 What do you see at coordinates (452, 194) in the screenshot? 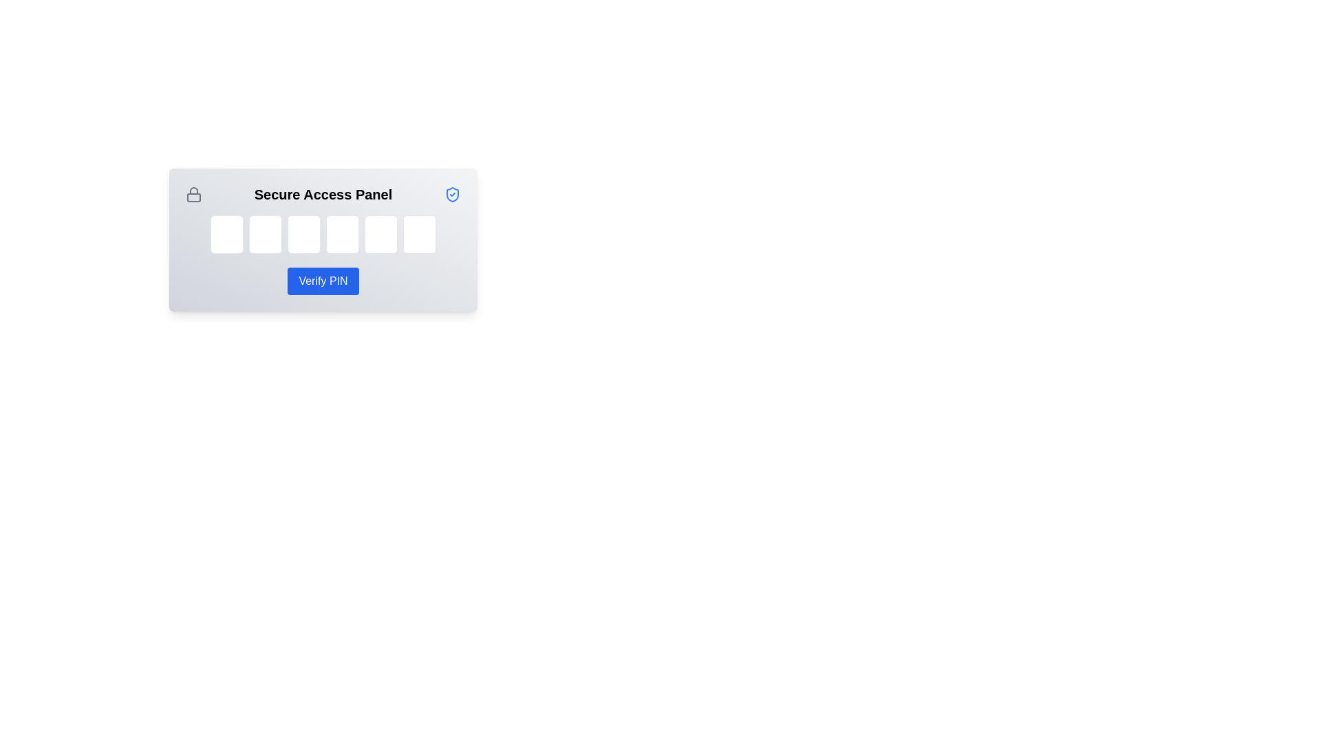
I see `the icon represented by a shield with a checkmark, located at the right-most part of the 'Secure Access Panel' header` at bounding box center [452, 194].